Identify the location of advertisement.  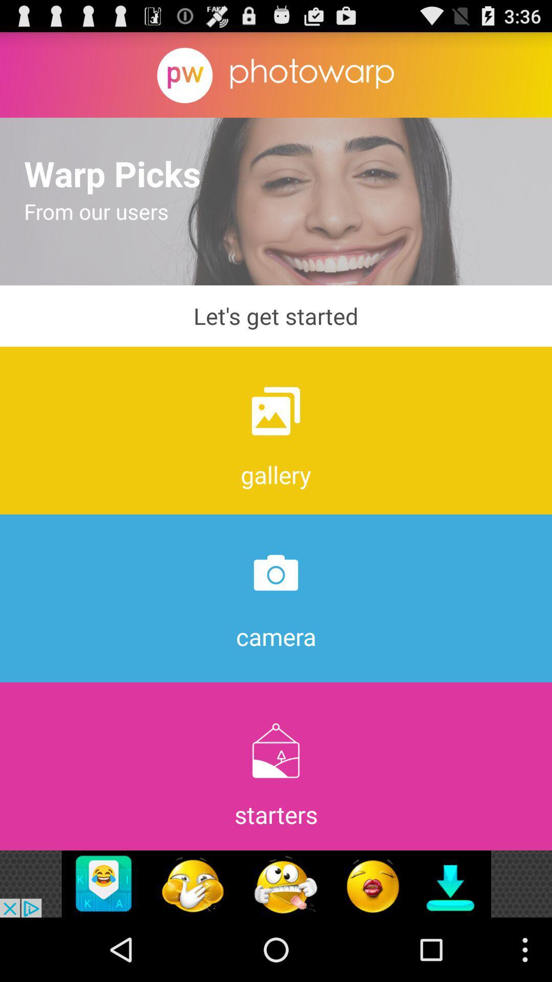
(276, 883).